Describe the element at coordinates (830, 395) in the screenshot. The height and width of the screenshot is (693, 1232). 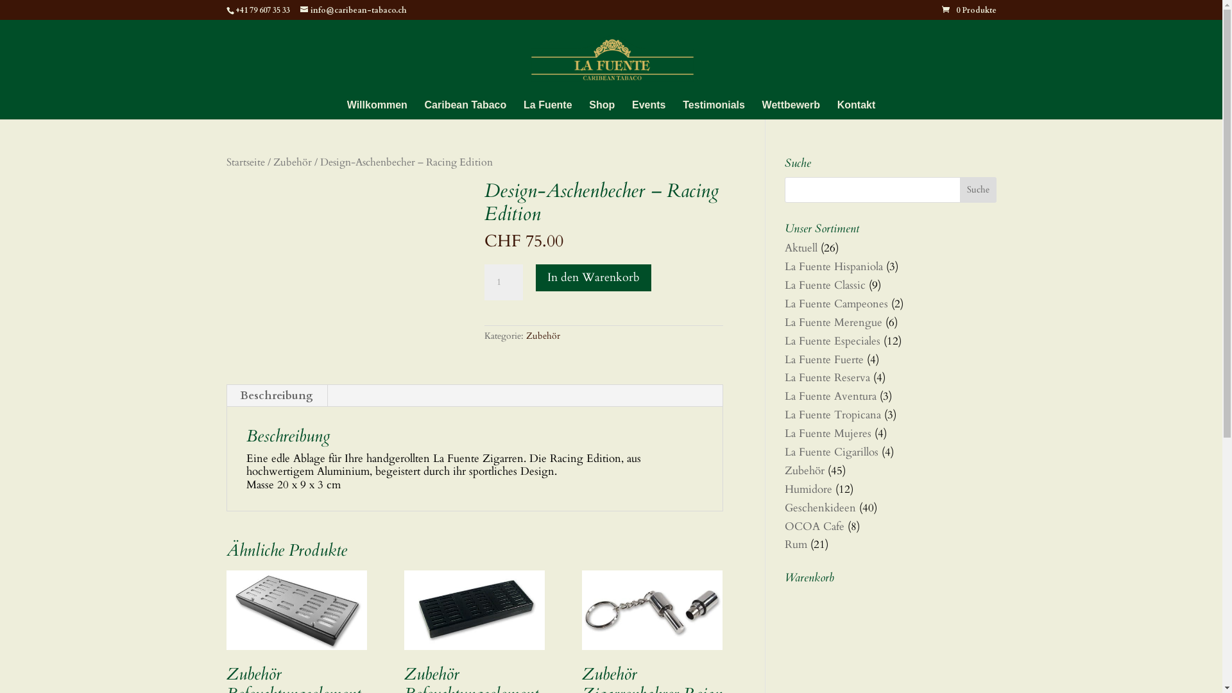
I see `'La Fuente Aventura'` at that location.